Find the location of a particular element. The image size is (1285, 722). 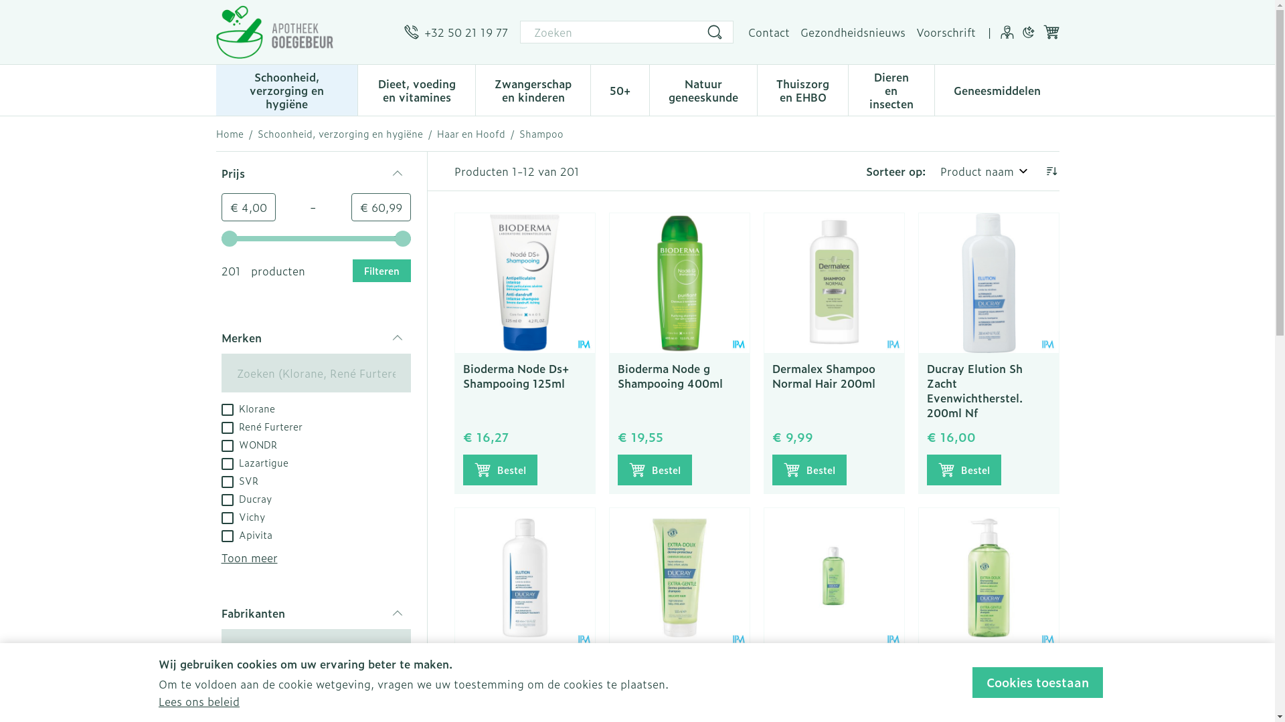

'Planet B' is located at coordinates (221, 701).